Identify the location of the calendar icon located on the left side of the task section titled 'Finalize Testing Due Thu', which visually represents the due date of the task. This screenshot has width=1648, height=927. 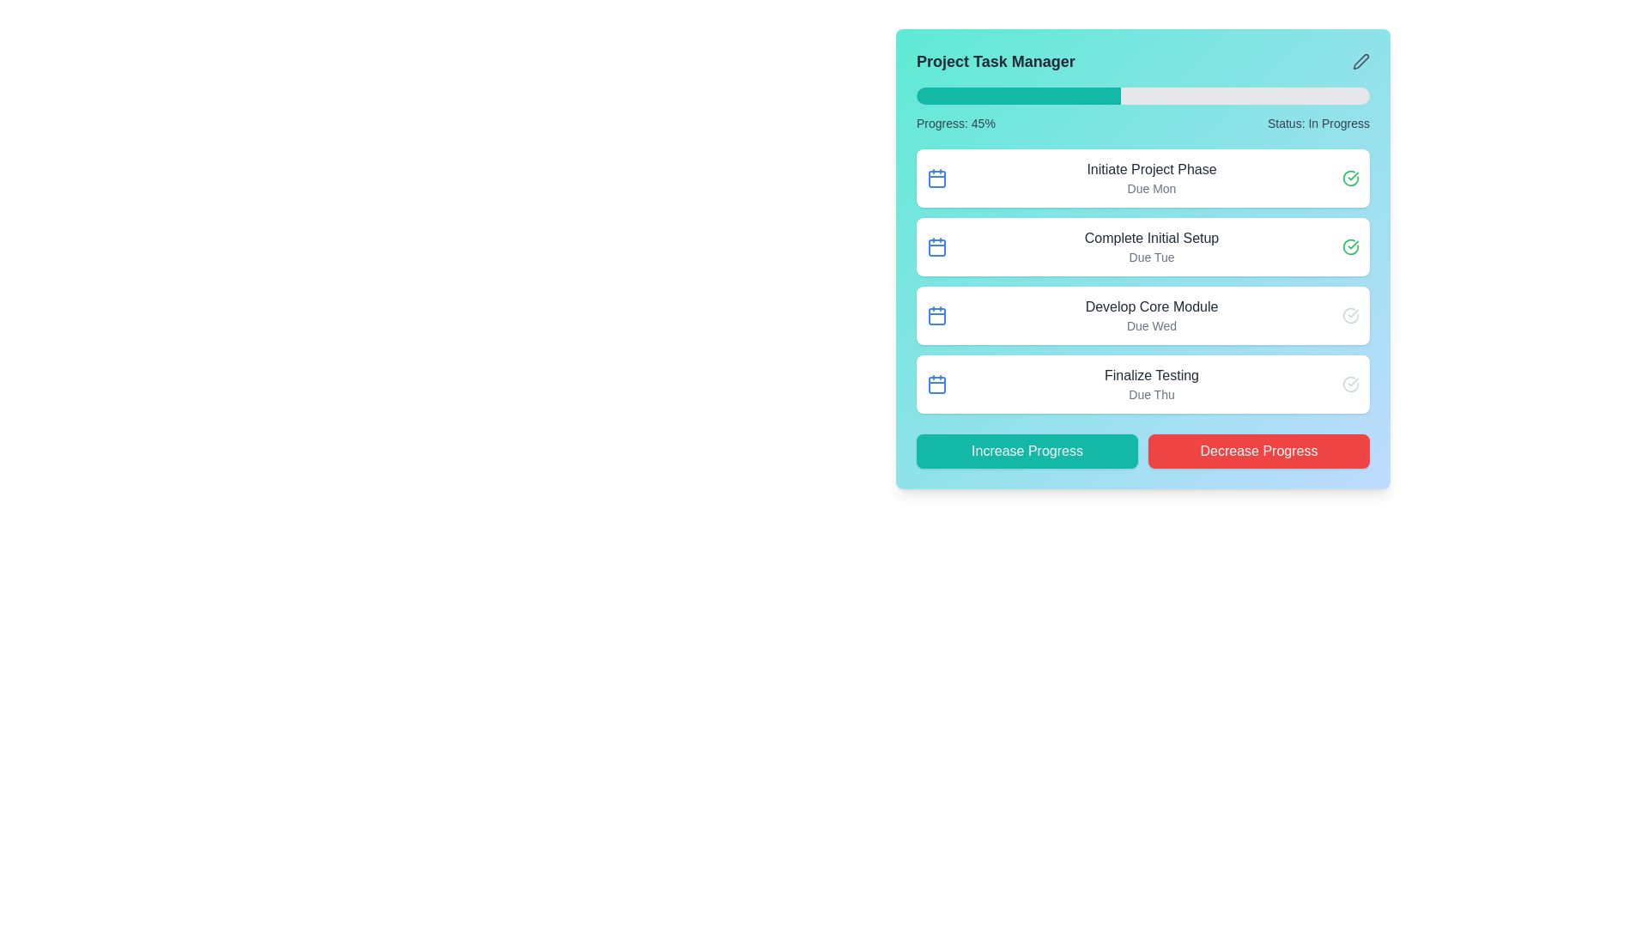
(936, 383).